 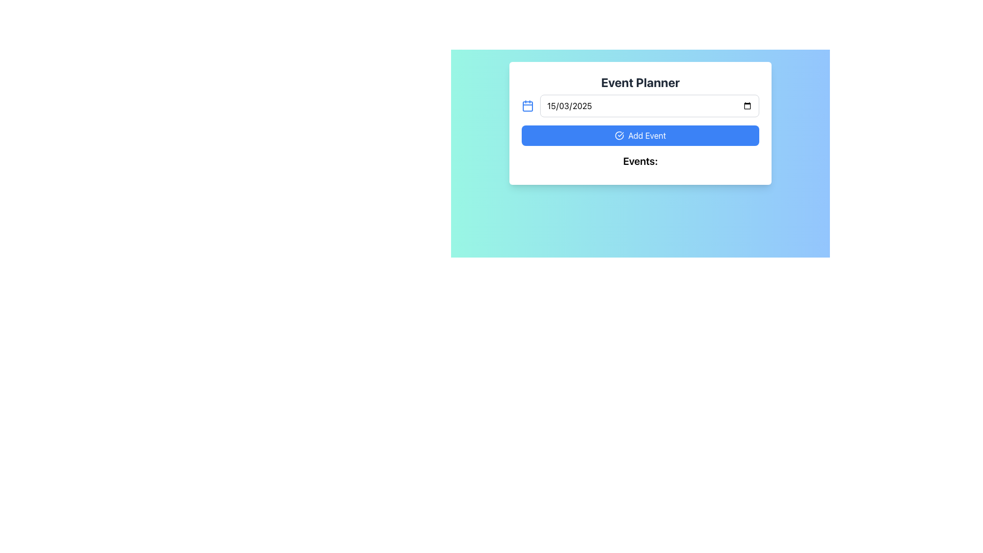 What do you see at coordinates (528, 106) in the screenshot?
I see `the blue calendar icon located in the header of the event planner interface to the left of the date input field` at bounding box center [528, 106].